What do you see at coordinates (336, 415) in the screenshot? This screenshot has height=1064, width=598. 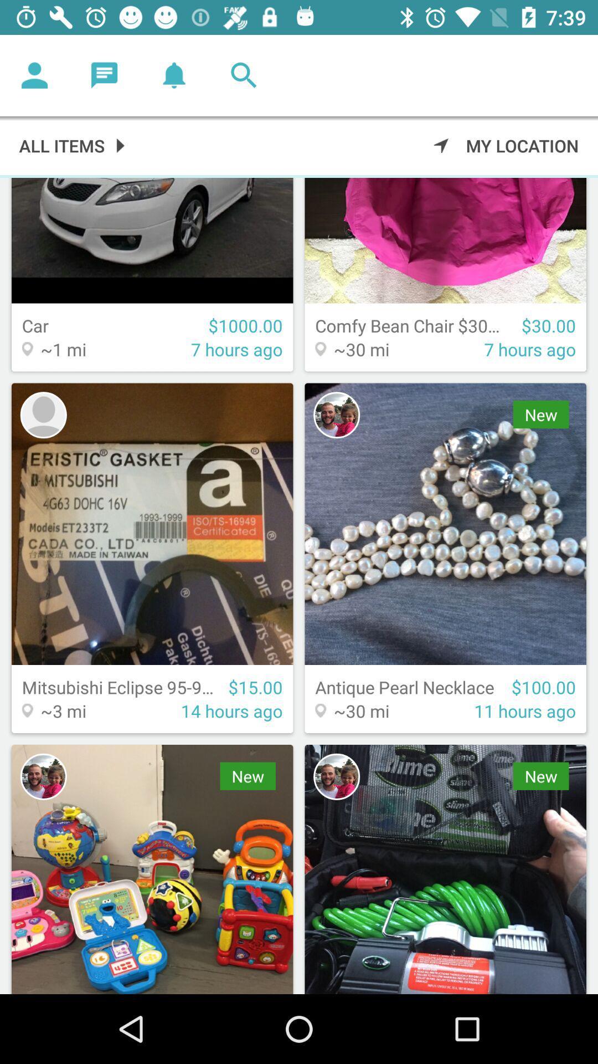 I see `user profile` at bounding box center [336, 415].